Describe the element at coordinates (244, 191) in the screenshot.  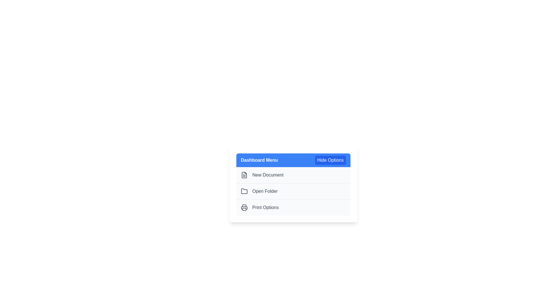
I see `the folder icon representing the 'Open Folder' action in the menu, located to the left of the 'Open Folder' text` at that location.